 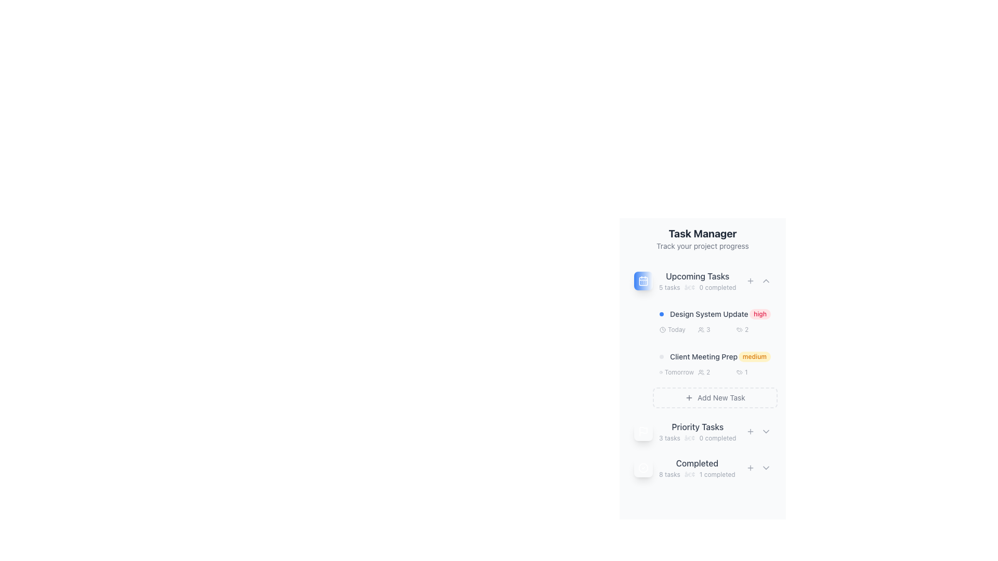 What do you see at coordinates (676, 330) in the screenshot?
I see `the static text label indicating the due date for the task titled 'Design System Update' in the 'Upcoming Tasks' section, which is positioned next to a clock icon` at bounding box center [676, 330].